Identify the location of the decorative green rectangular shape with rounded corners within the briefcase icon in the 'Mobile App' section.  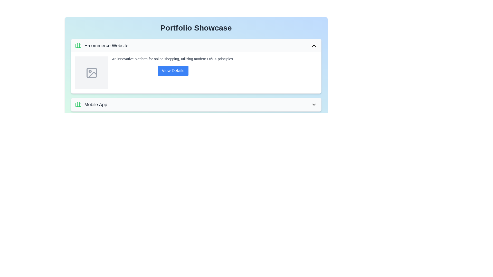
(78, 45).